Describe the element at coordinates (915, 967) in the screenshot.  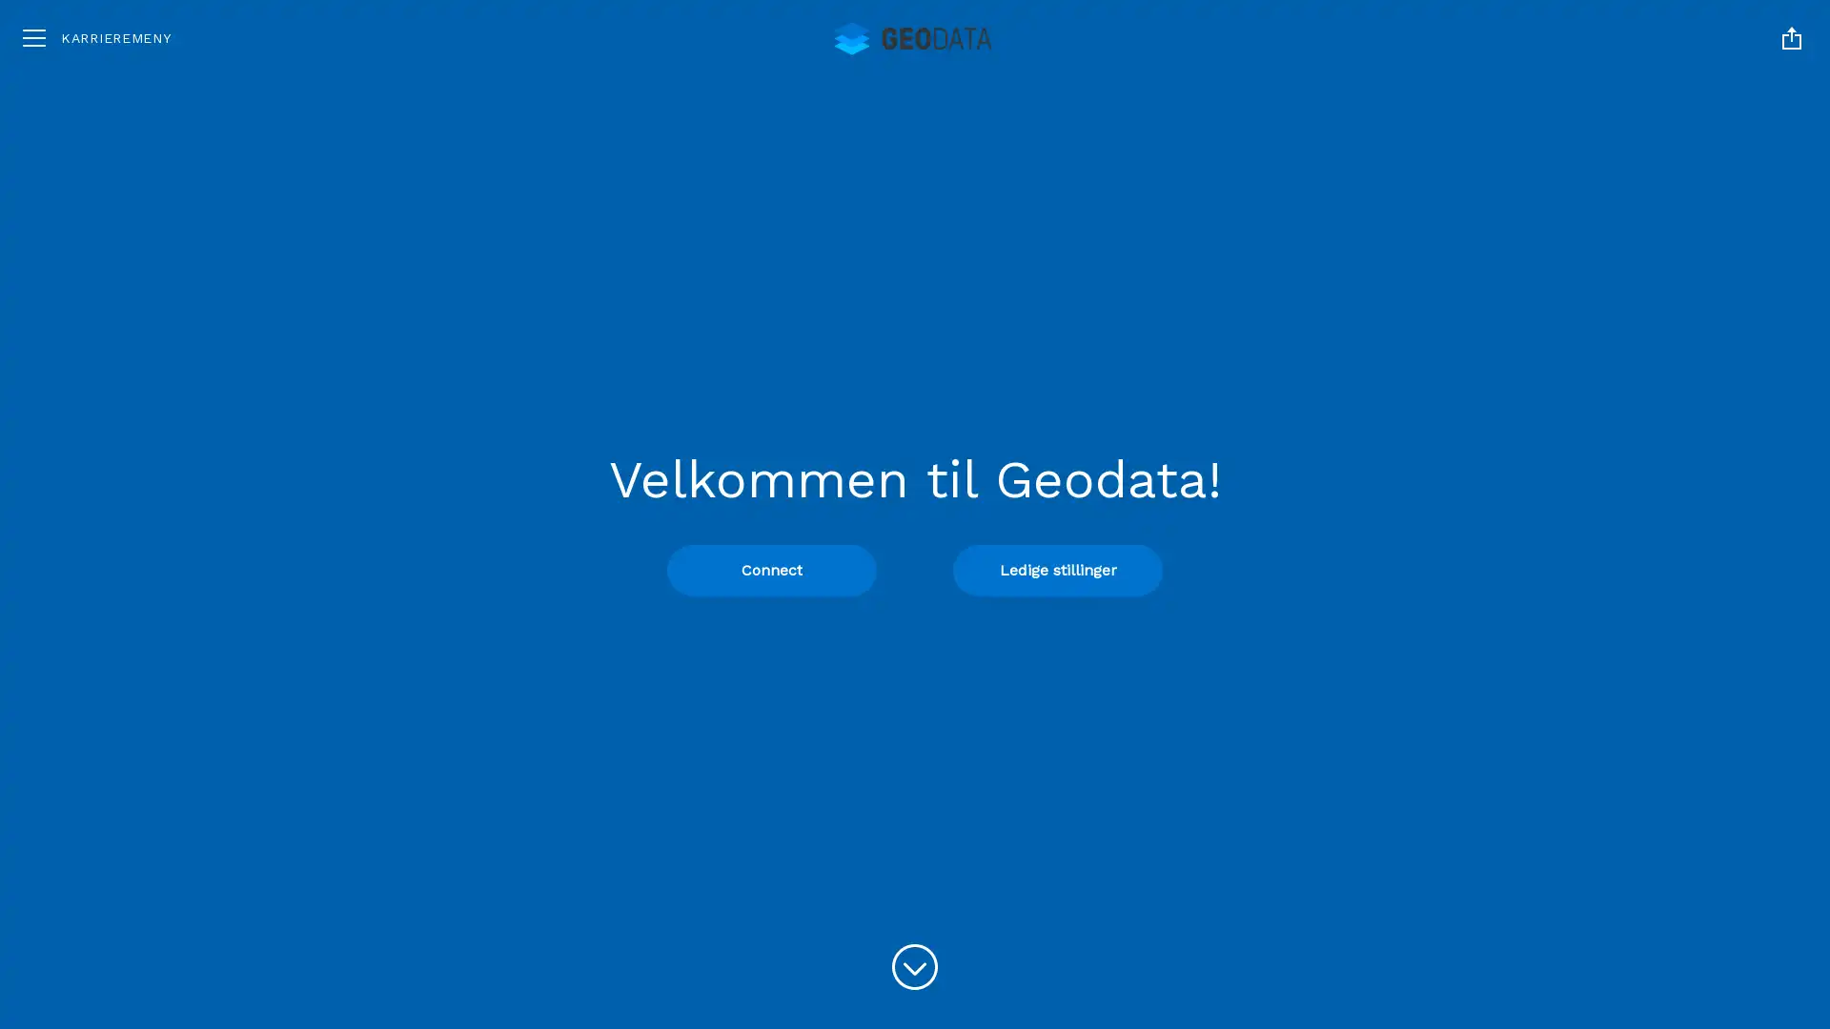
I see `Bla til innholdet` at that location.